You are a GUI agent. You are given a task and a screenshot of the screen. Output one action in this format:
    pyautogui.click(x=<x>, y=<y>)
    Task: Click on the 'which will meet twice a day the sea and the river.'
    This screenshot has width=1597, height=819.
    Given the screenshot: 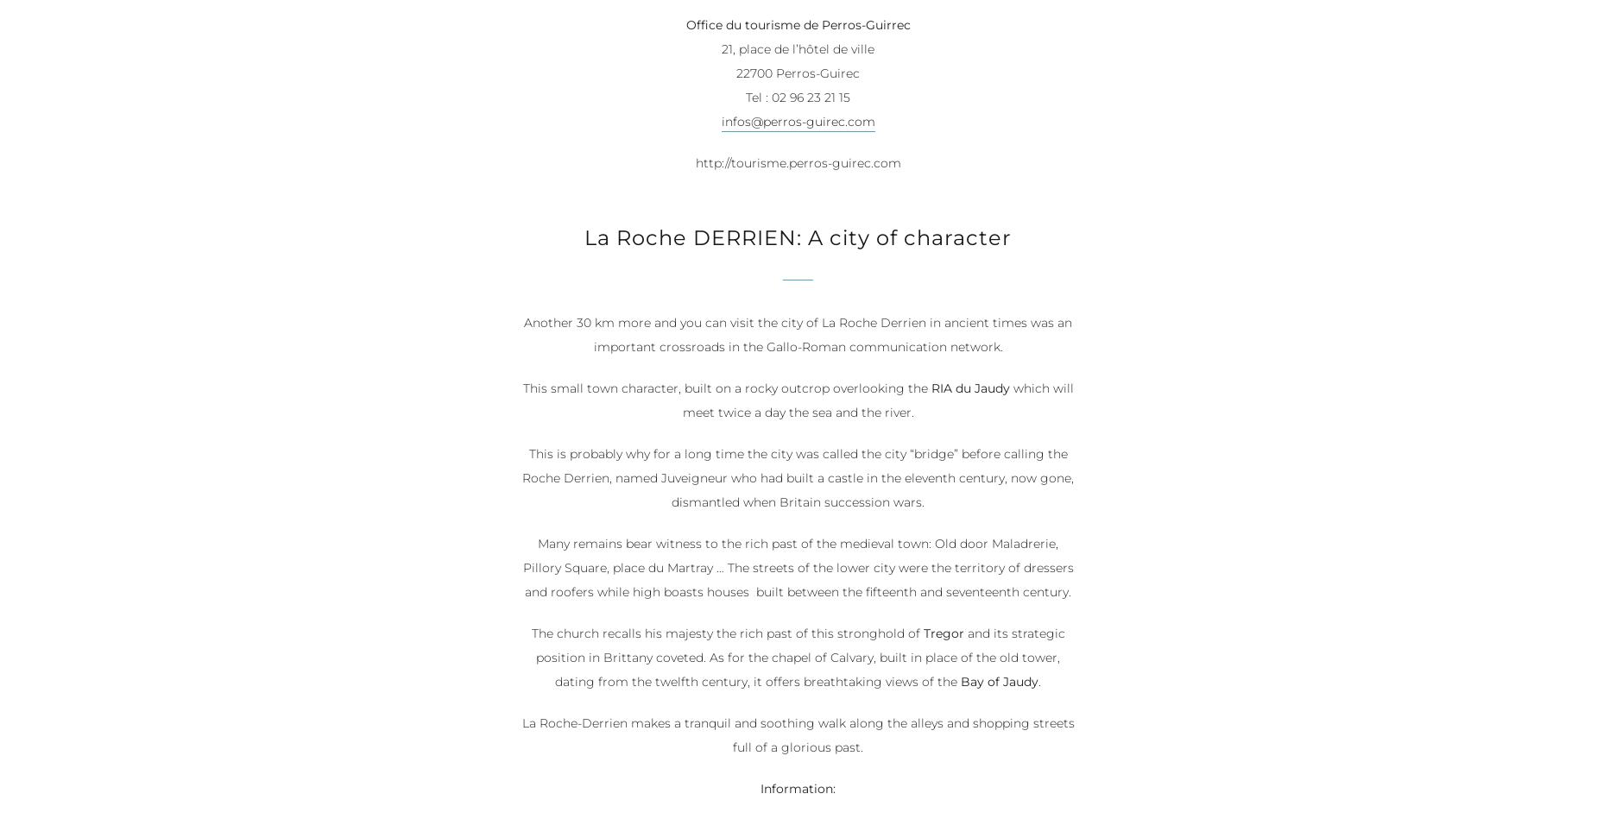 What is the action you would take?
    pyautogui.click(x=876, y=401)
    